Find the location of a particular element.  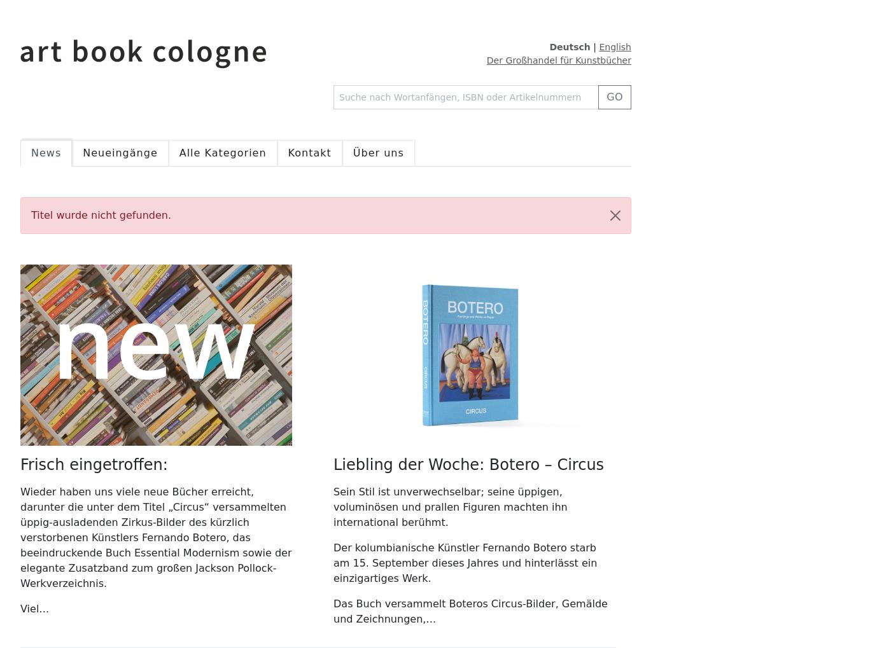

'55,00 €' is located at coordinates (395, 12).